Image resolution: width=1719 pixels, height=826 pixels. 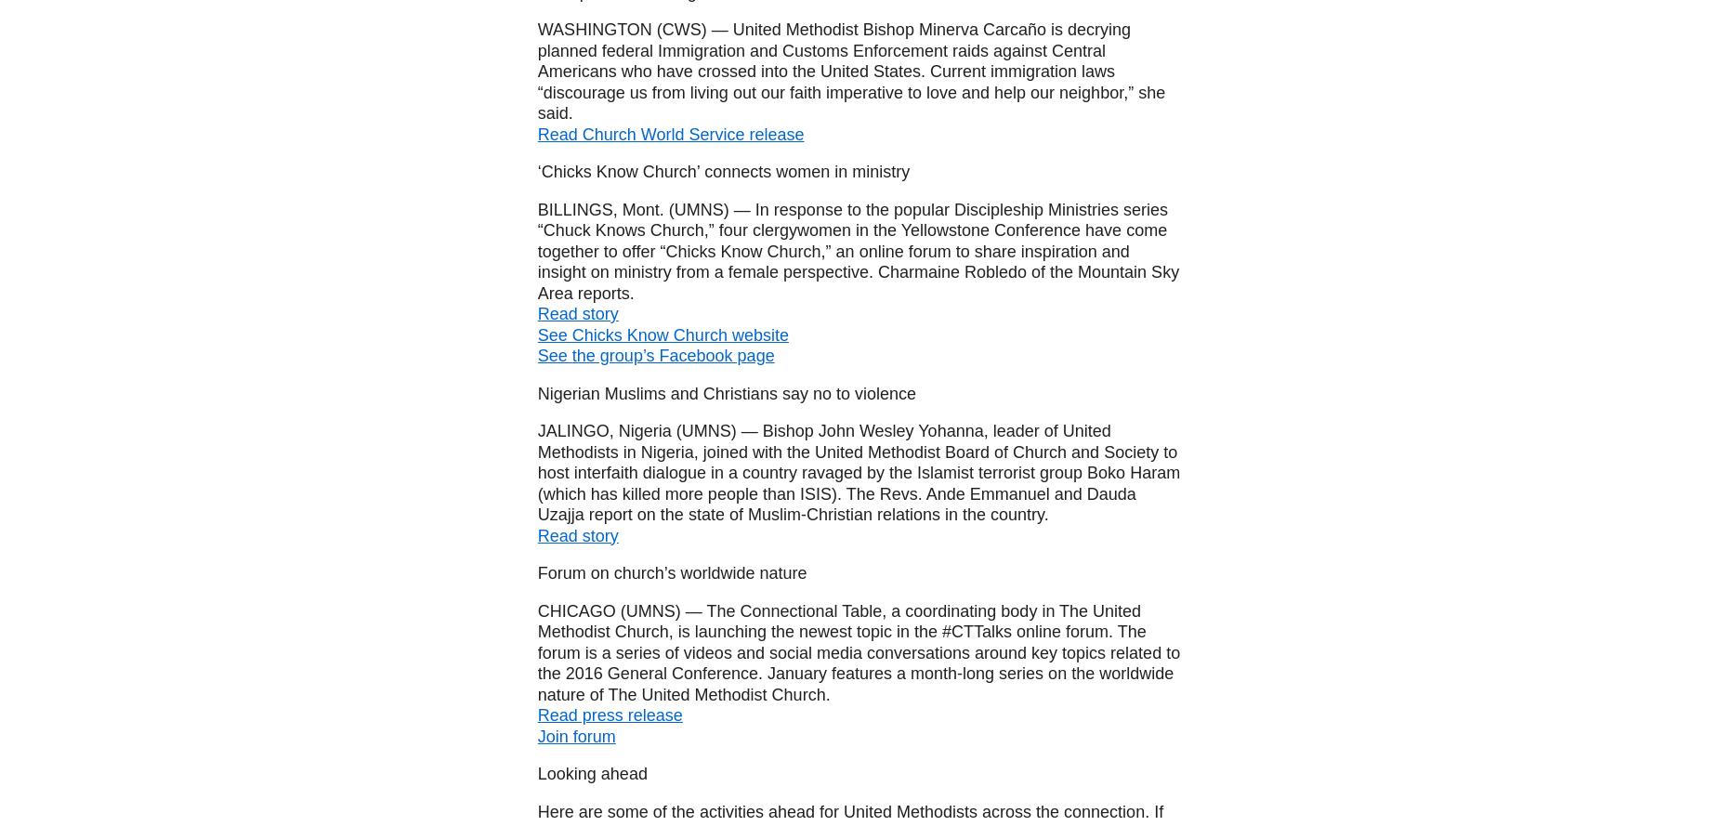 What do you see at coordinates (536, 473) in the screenshot?
I see `'JALINGO, Nigeria (UMNS) — Bishop John Wesley Yohanna, leader of United Methodists in Nigeria, joined with the United Methodist Board of Church and Society to host interfaith dialogue in a country ravaged by the Islamist terrorist group Boko Haram (which has killed more people than ISIS). The Revs. Ande Emmanuel and Dauda Uzajja report on the state of Muslim-Christian relations in the country.'` at bounding box center [536, 473].